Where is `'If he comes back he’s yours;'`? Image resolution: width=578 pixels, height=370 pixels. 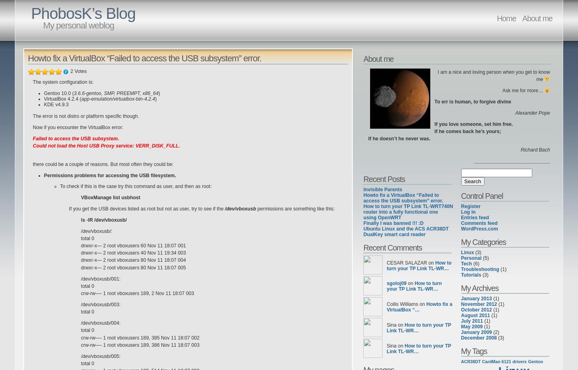 'If he comes back he’s yours;' is located at coordinates (467, 131).